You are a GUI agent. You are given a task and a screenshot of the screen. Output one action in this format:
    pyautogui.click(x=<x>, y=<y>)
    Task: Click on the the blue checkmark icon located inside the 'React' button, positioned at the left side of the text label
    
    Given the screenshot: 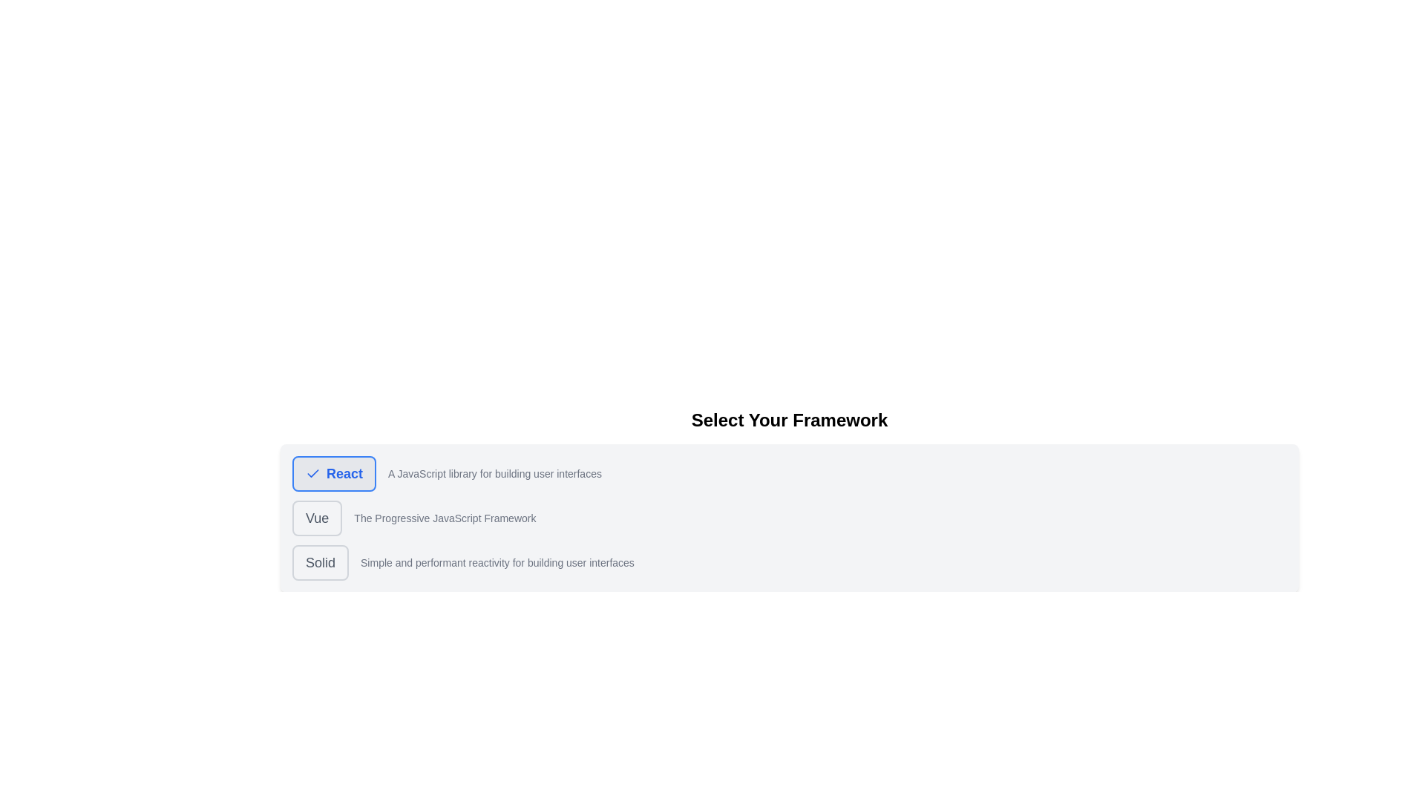 What is the action you would take?
    pyautogui.click(x=312, y=474)
    